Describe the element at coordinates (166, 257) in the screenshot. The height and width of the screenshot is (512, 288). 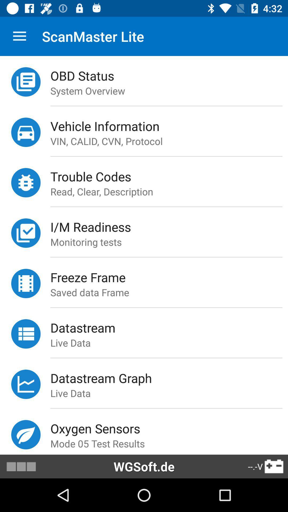
I see `the item below the monitoring tests` at that location.